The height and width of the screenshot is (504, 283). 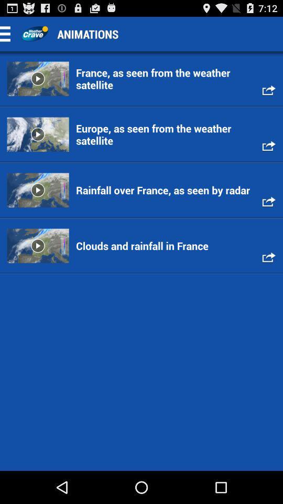 I want to click on access app menu, so click(x=8, y=34).